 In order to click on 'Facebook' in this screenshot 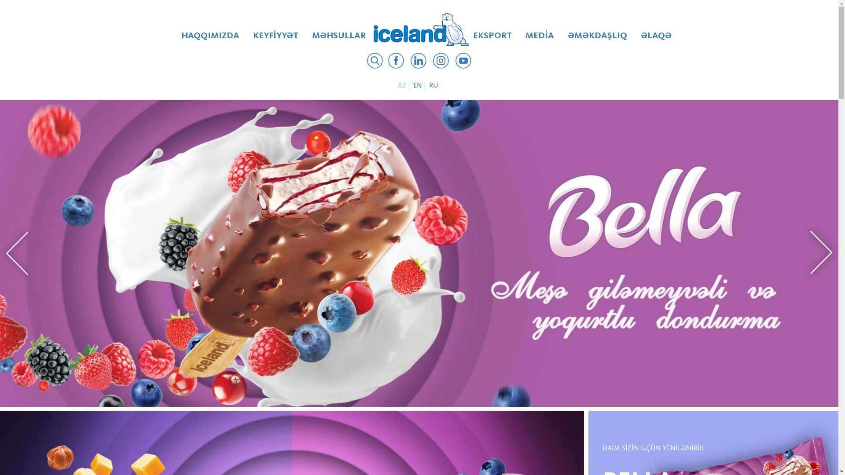, I will do `click(396, 62)`.